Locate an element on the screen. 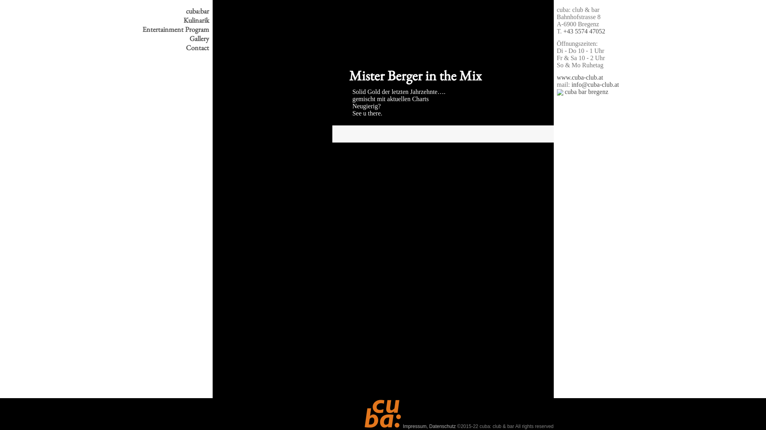 The height and width of the screenshot is (430, 766). 'www.cuba-club.at' is located at coordinates (580, 77).